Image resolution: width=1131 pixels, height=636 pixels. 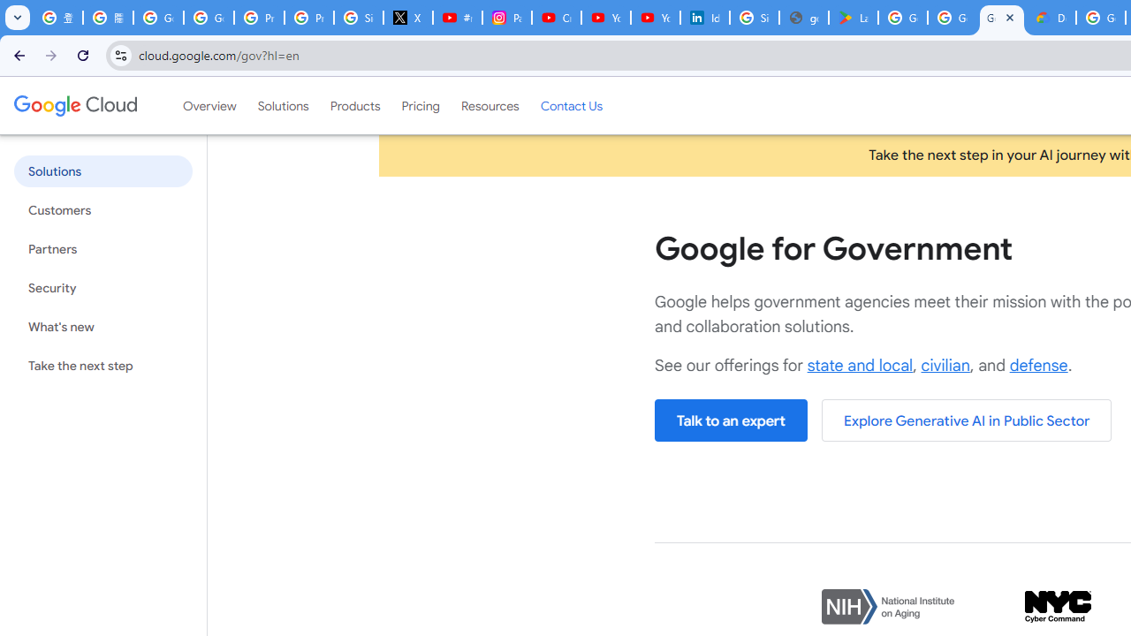 What do you see at coordinates (102, 249) in the screenshot?
I see `'Partners'` at bounding box center [102, 249].